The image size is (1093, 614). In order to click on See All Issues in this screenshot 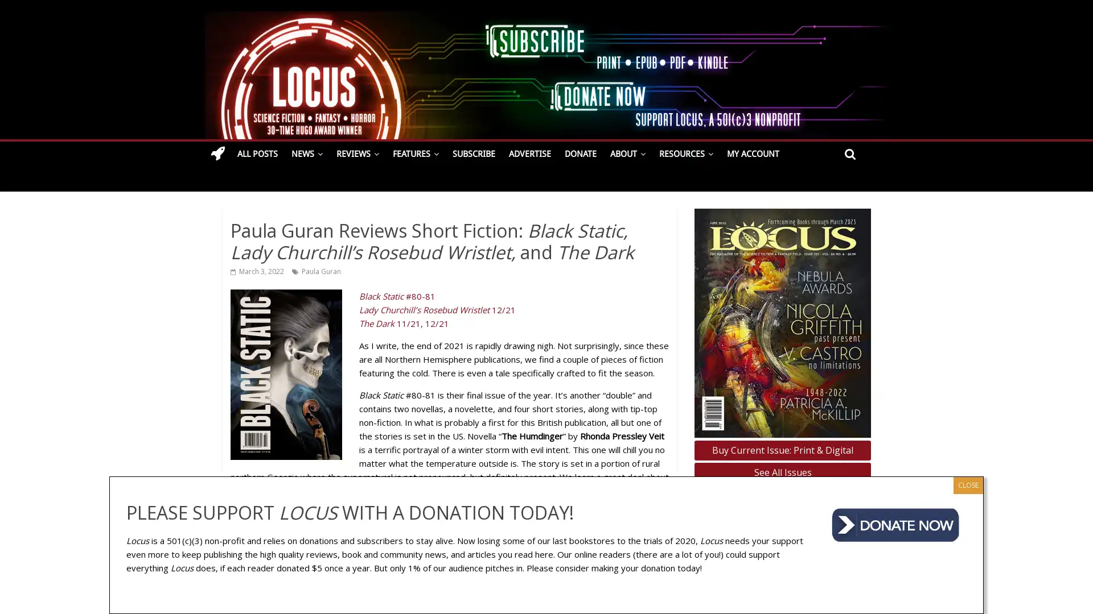, I will do `click(782, 472)`.